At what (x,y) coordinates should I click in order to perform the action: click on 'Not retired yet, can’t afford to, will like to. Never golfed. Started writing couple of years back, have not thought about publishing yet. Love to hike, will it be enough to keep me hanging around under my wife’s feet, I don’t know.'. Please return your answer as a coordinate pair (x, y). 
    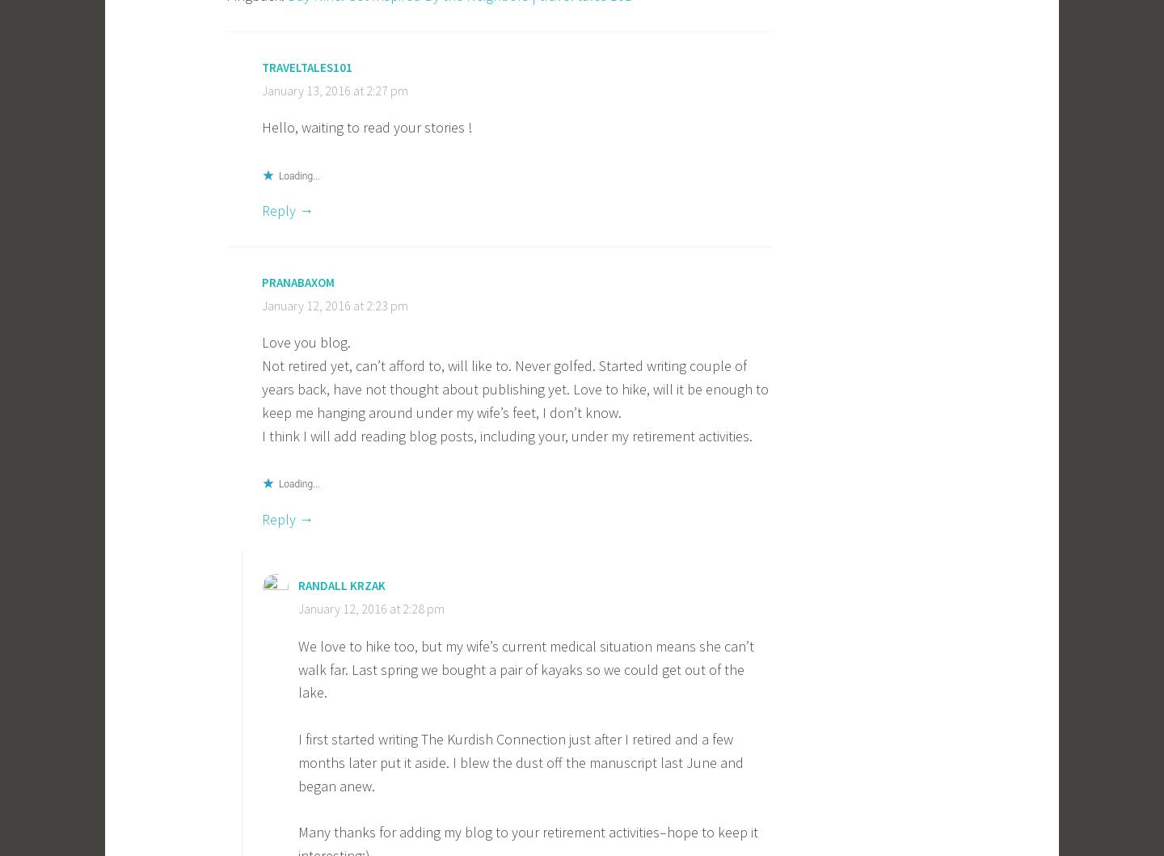
    Looking at the image, I should click on (514, 388).